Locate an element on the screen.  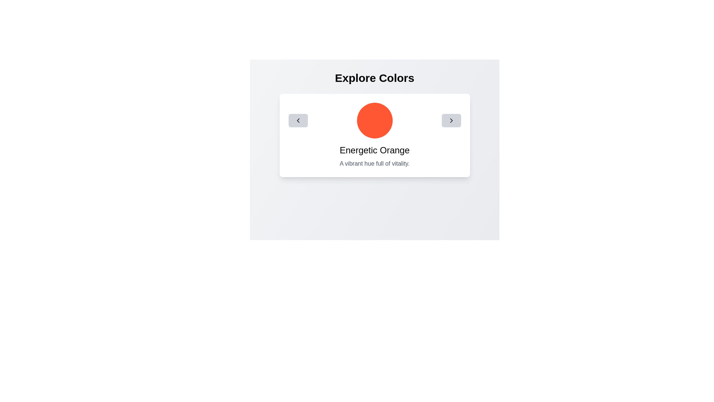
the vibrant orange circular icon located in the center of the white card labeled 'Explore Colors' is located at coordinates (374, 145).